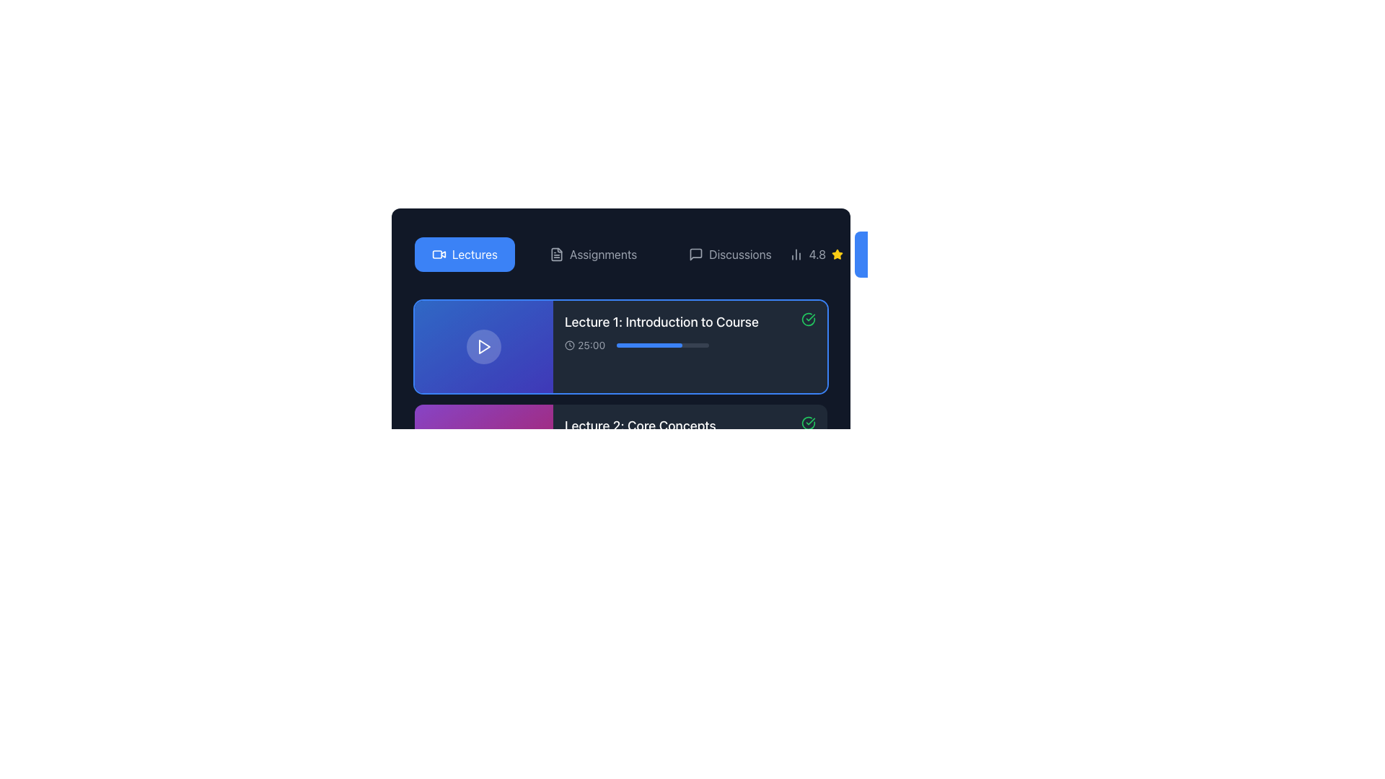 The height and width of the screenshot is (779, 1385). Describe the element at coordinates (556, 254) in the screenshot. I see `the document icon representing the 'Assignments' section in the top navigation bar` at that location.